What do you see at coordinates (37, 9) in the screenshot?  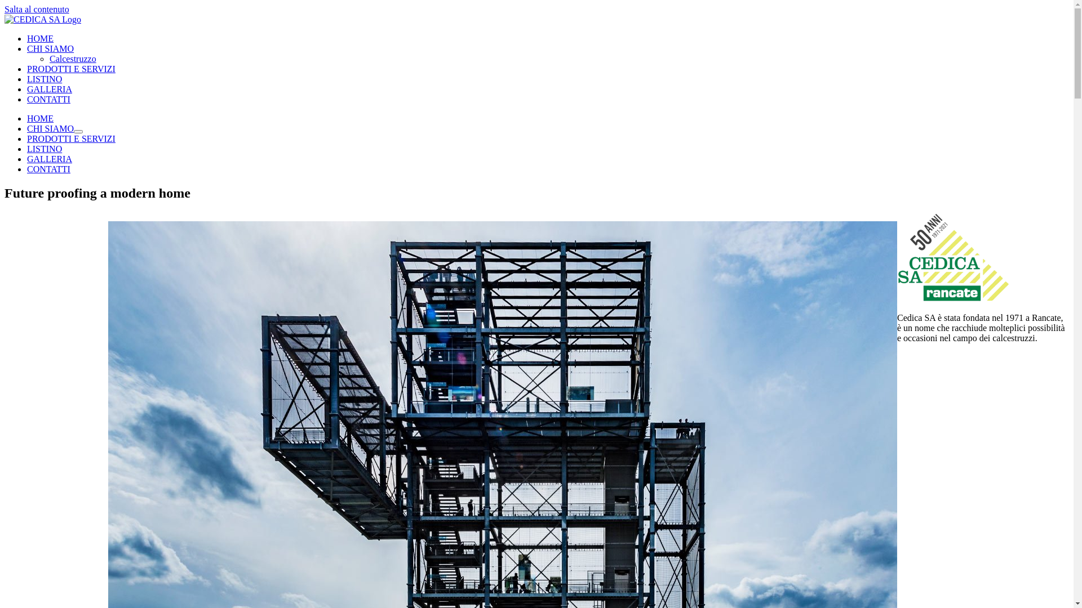 I see `'Salta al contenuto'` at bounding box center [37, 9].